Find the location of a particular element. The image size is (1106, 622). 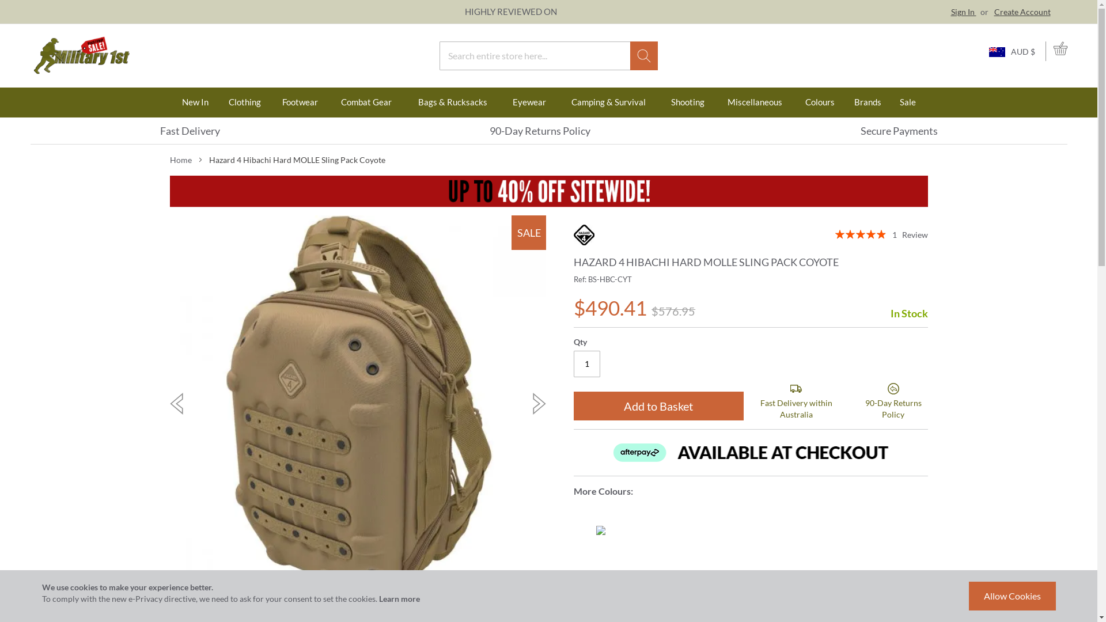

'Sale' is located at coordinates (907, 101).